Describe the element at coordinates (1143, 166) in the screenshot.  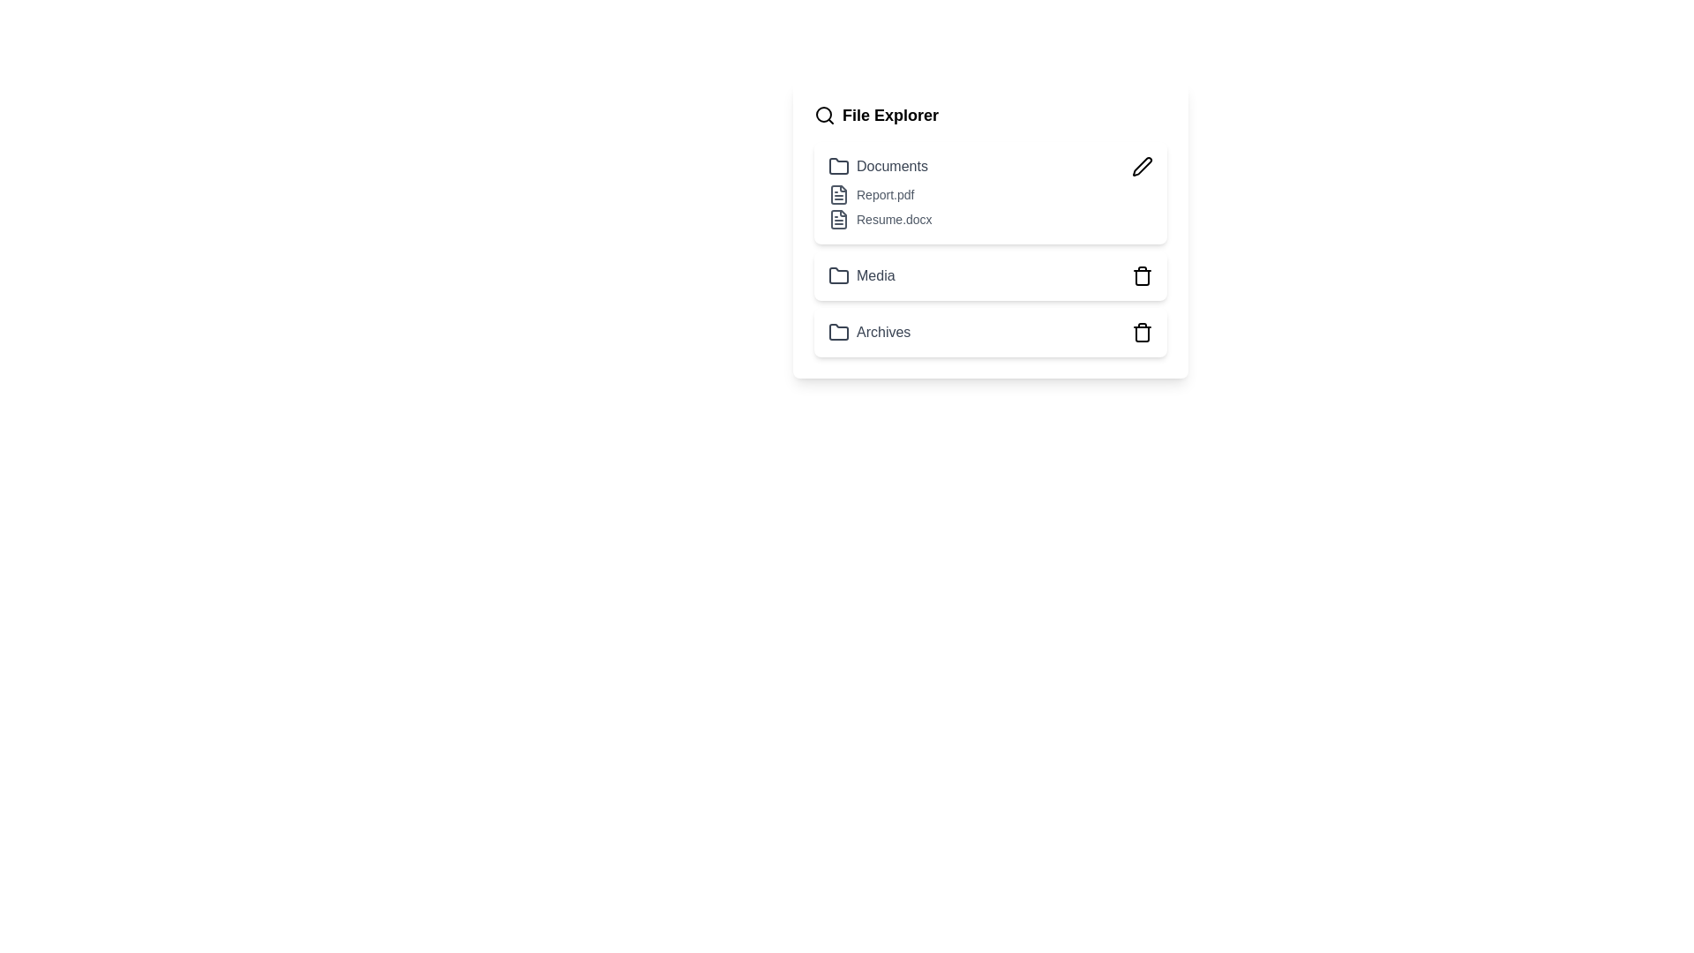
I see `the edit icon located at the right-most end of the 'Documents' folder row` at that location.